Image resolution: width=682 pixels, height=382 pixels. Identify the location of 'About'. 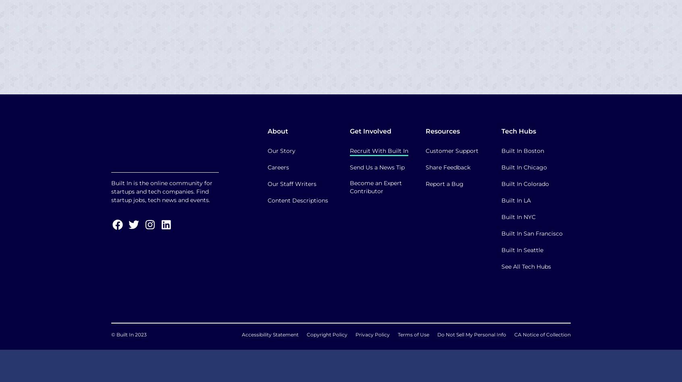
(278, 131).